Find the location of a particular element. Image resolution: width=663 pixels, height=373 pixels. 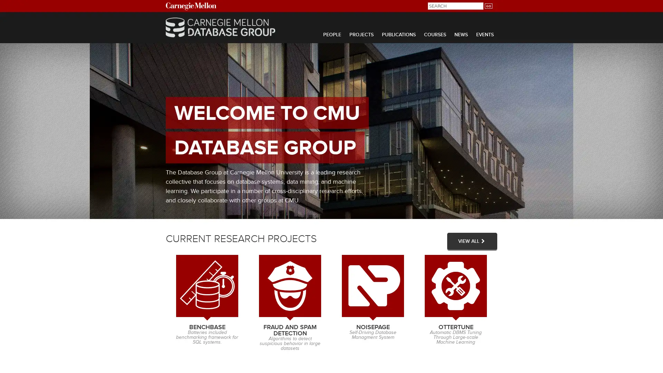

Go is located at coordinates (488, 6).